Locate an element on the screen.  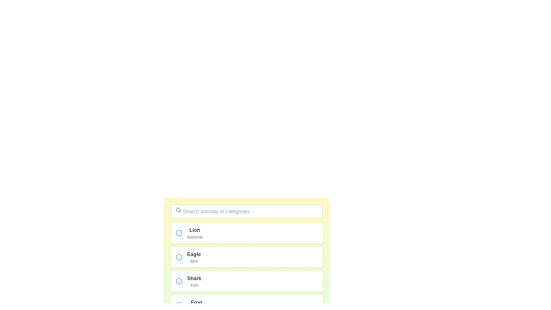
the circle-shaped vector graphic icon located to the left of the text label 'Shark Fish' in the 'Shark' category list item for additional information is located at coordinates (179, 281).